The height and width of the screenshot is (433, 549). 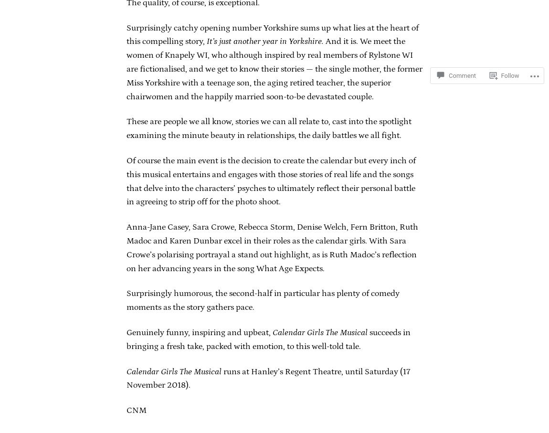 What do you see at coordinates (265, 41) in the screenshot?
I see `'It’s just another year in Yorkshire.'` at bounding box center [265, 41].